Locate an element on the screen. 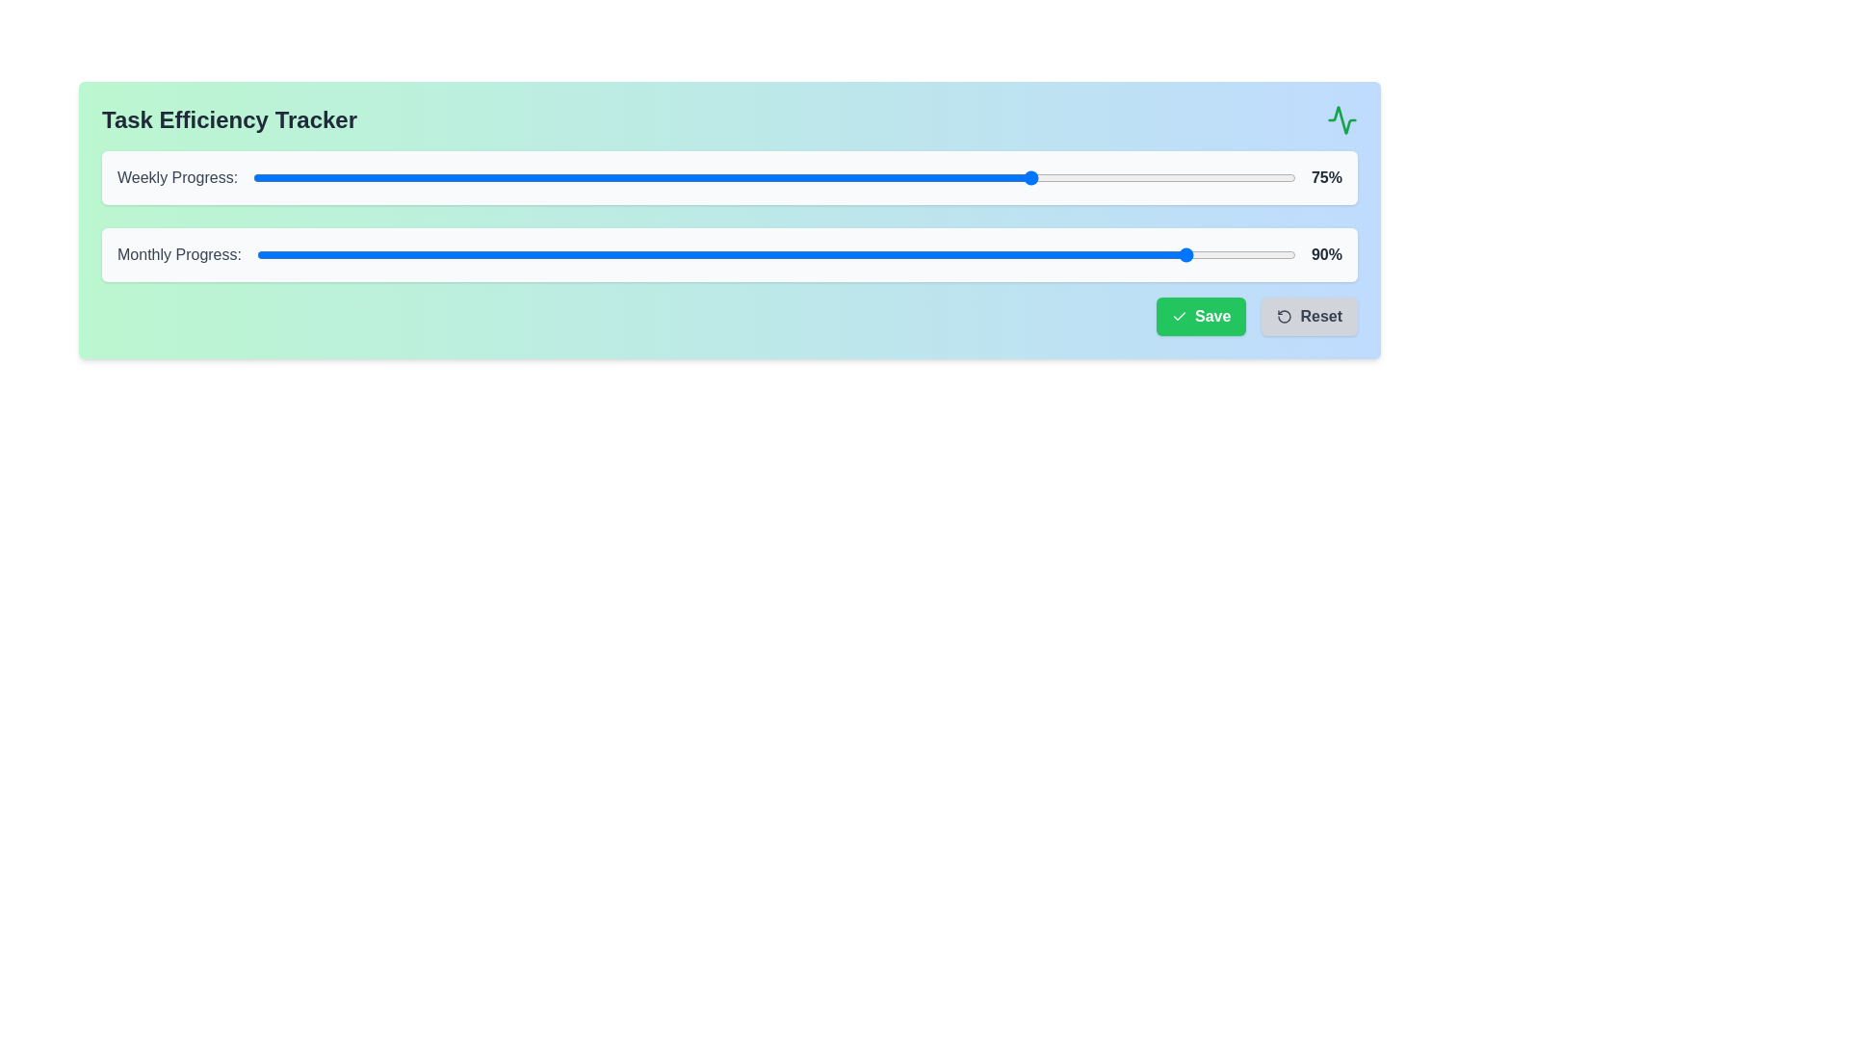  the Weekly Progress slider to 57% is located at coordinates (847, 178).